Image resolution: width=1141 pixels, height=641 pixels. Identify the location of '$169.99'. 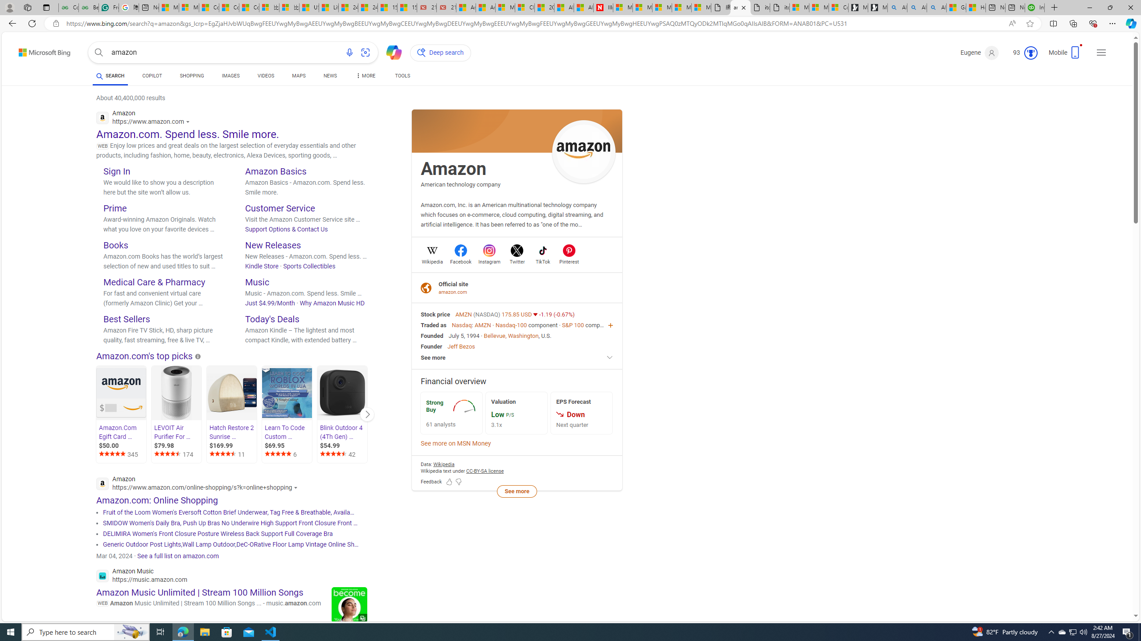
(232, 445).